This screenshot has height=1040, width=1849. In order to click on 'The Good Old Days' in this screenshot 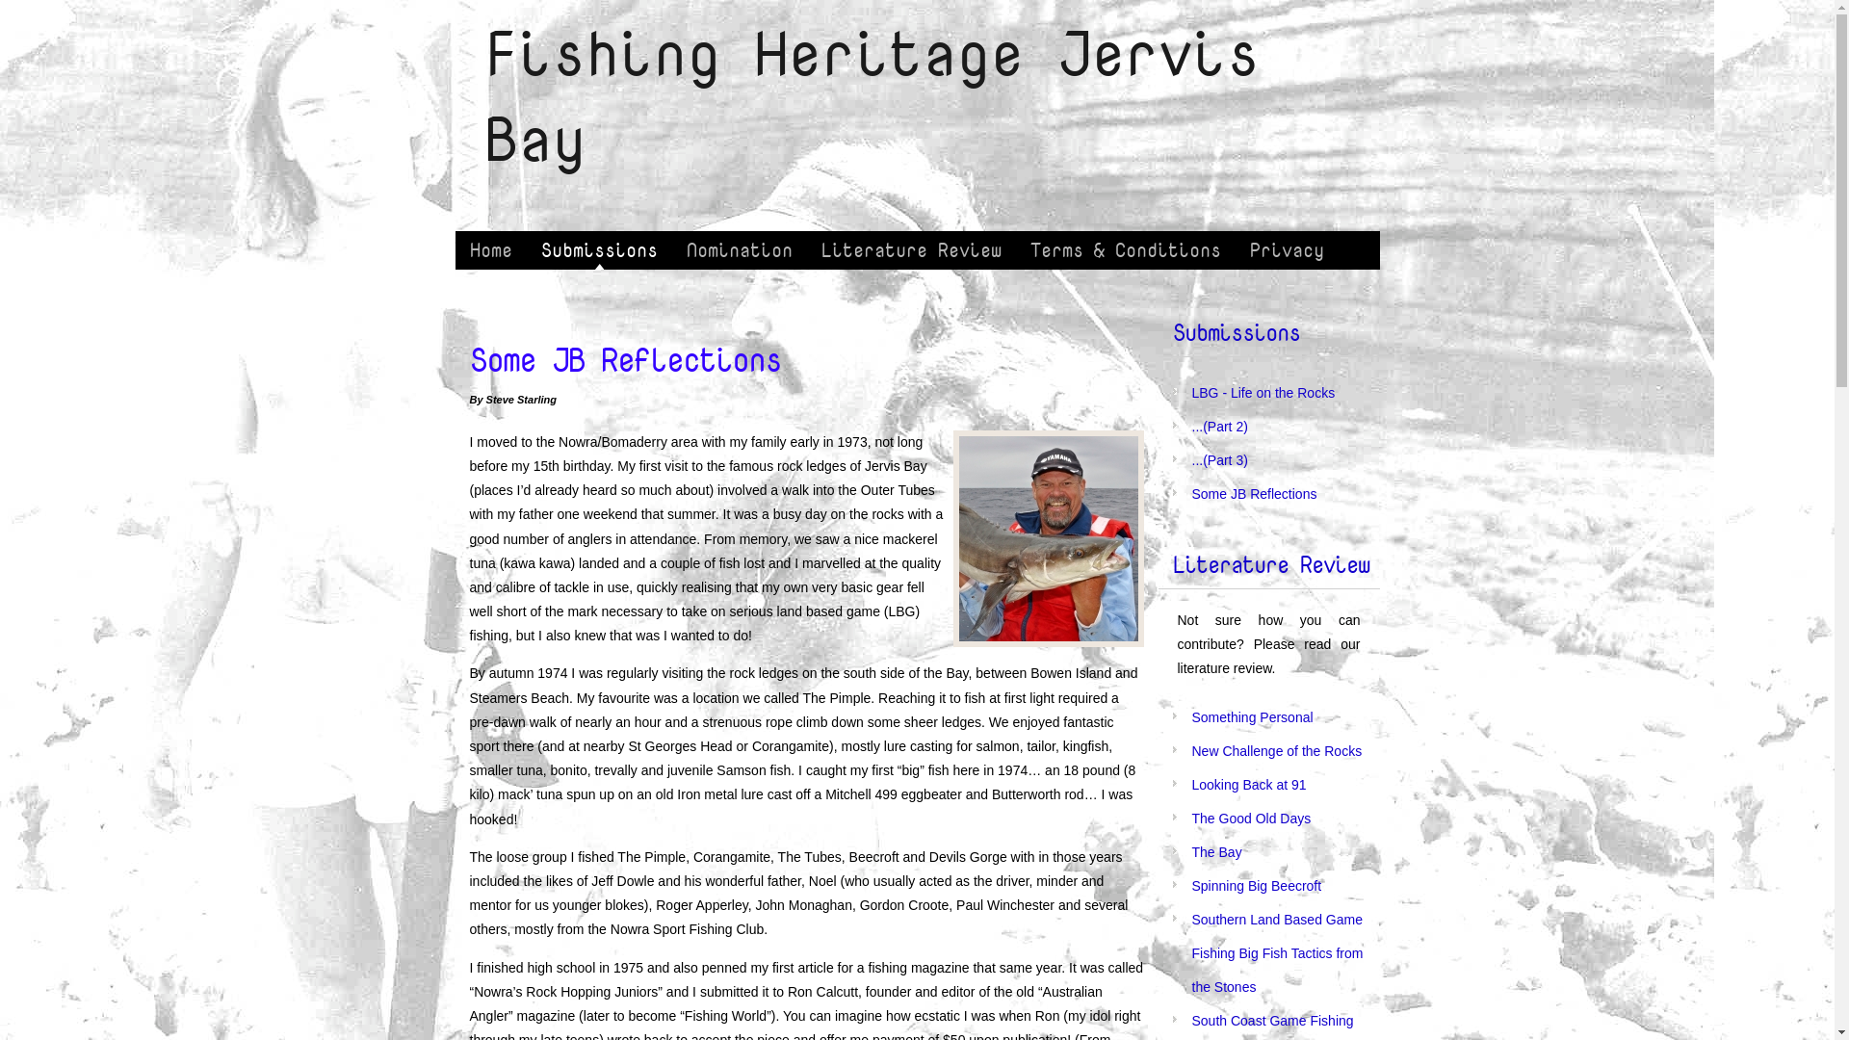, I will do `click(1252, 818)`.